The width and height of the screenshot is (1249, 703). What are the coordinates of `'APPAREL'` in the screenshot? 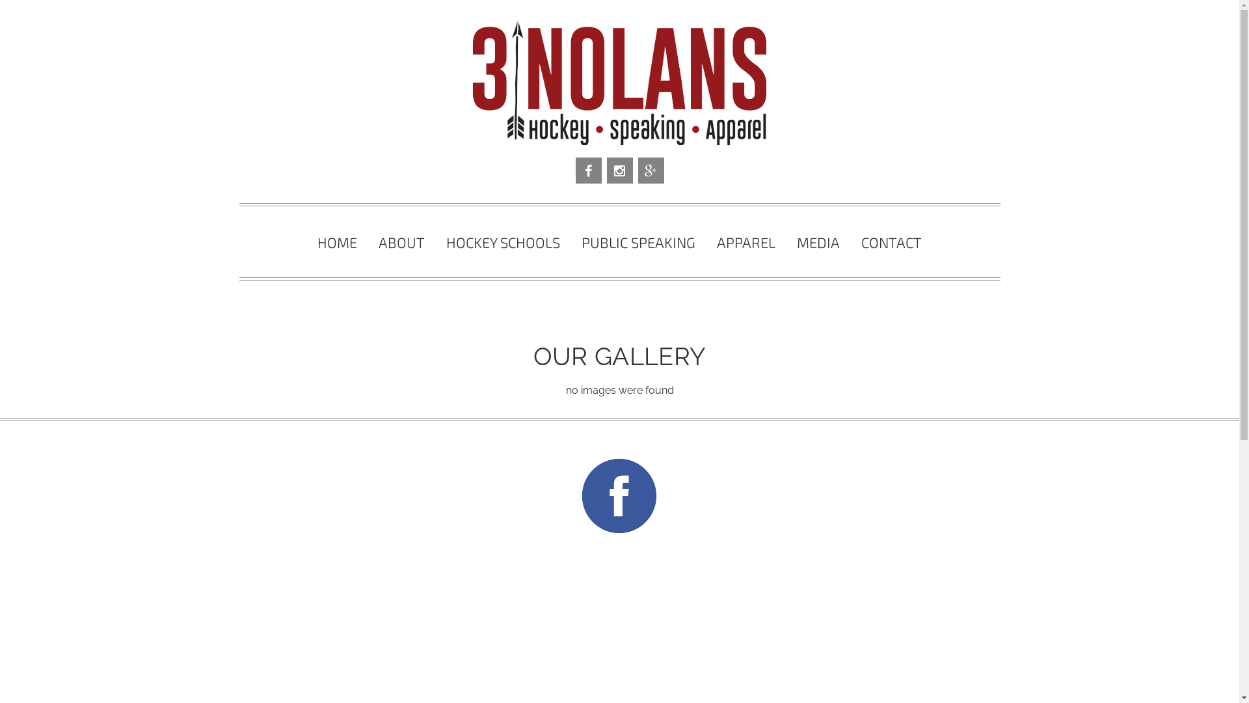 It's located at (746, 241).